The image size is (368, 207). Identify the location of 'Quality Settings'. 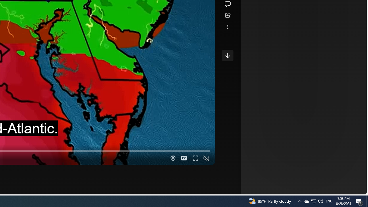
(172, 158).